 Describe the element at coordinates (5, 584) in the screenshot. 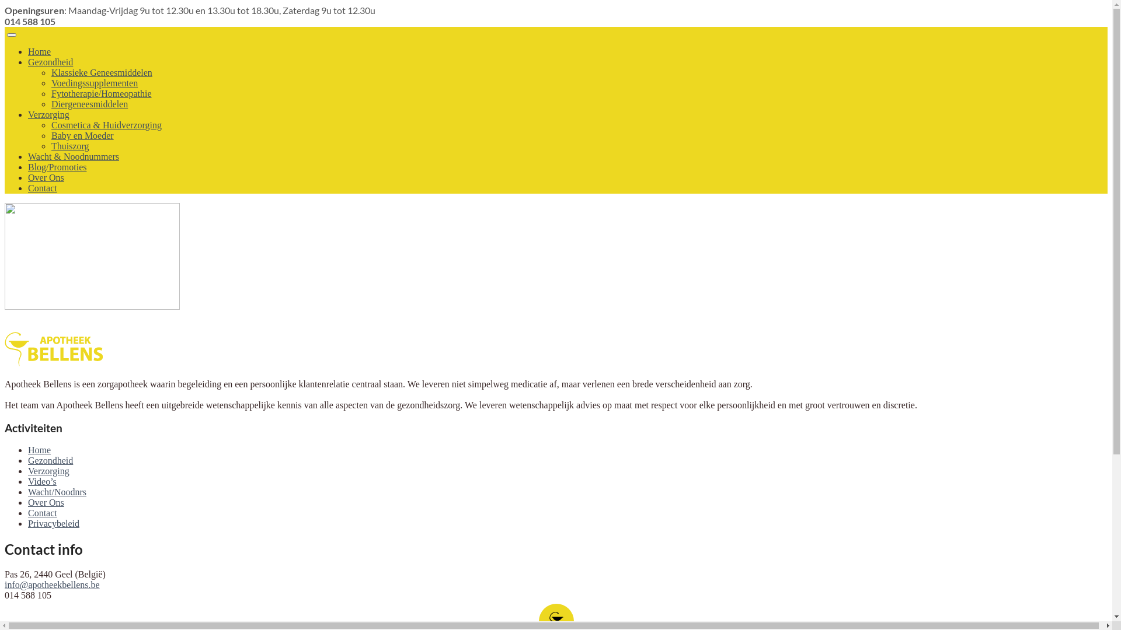

I see `'info@apotheekbellens.be'` at that location.